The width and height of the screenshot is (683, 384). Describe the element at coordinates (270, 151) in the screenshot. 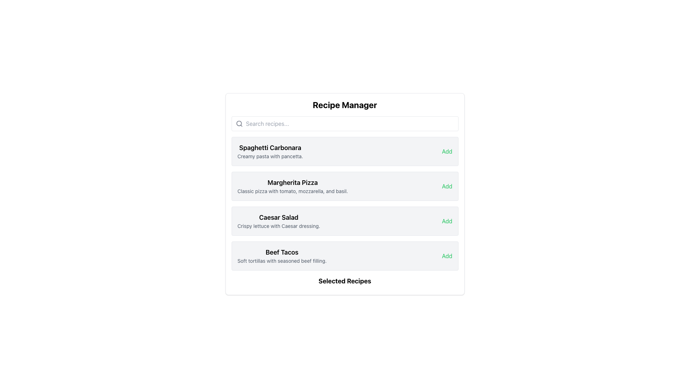

I see `descriptive label containing the title 'Spaghetti Carbonara' and the description 'Creamy pasta with pancetta.' located in the top-left area of the list under the 'Recipe Manager' heading` at that location.